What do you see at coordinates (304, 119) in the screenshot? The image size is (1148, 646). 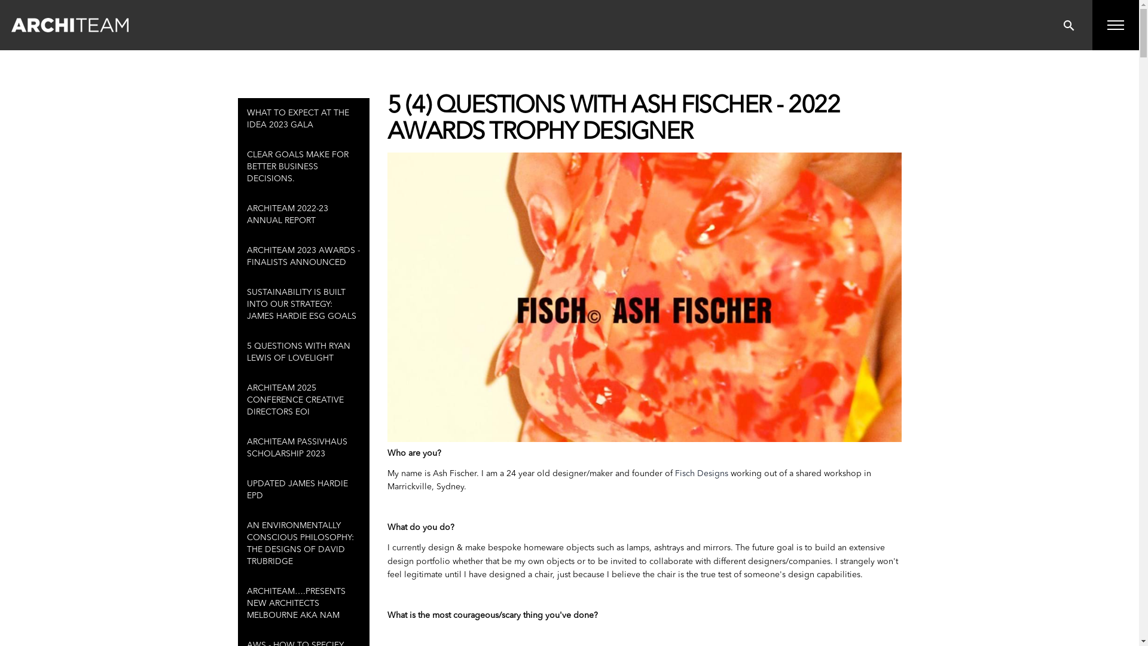 I see `'WHAT TO EXPECT AT THE IDEA 2023 GALA'` at bounding box center [304, 119].